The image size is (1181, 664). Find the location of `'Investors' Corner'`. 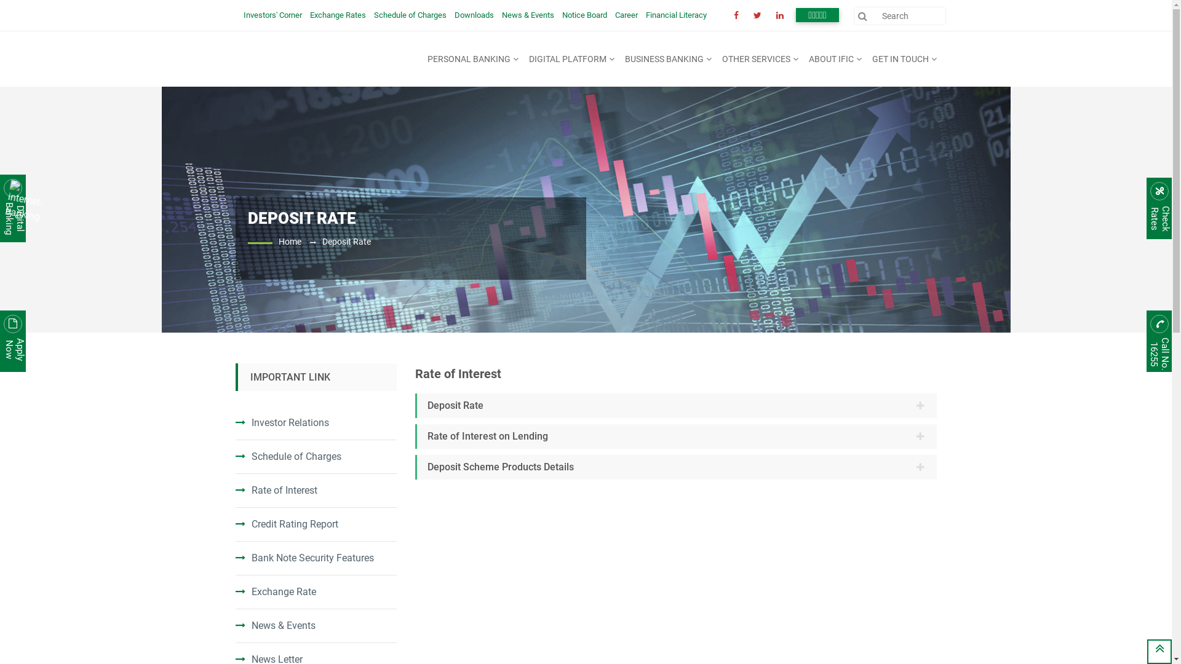

'Investors' Corner' is located at coordinates (272, 15).